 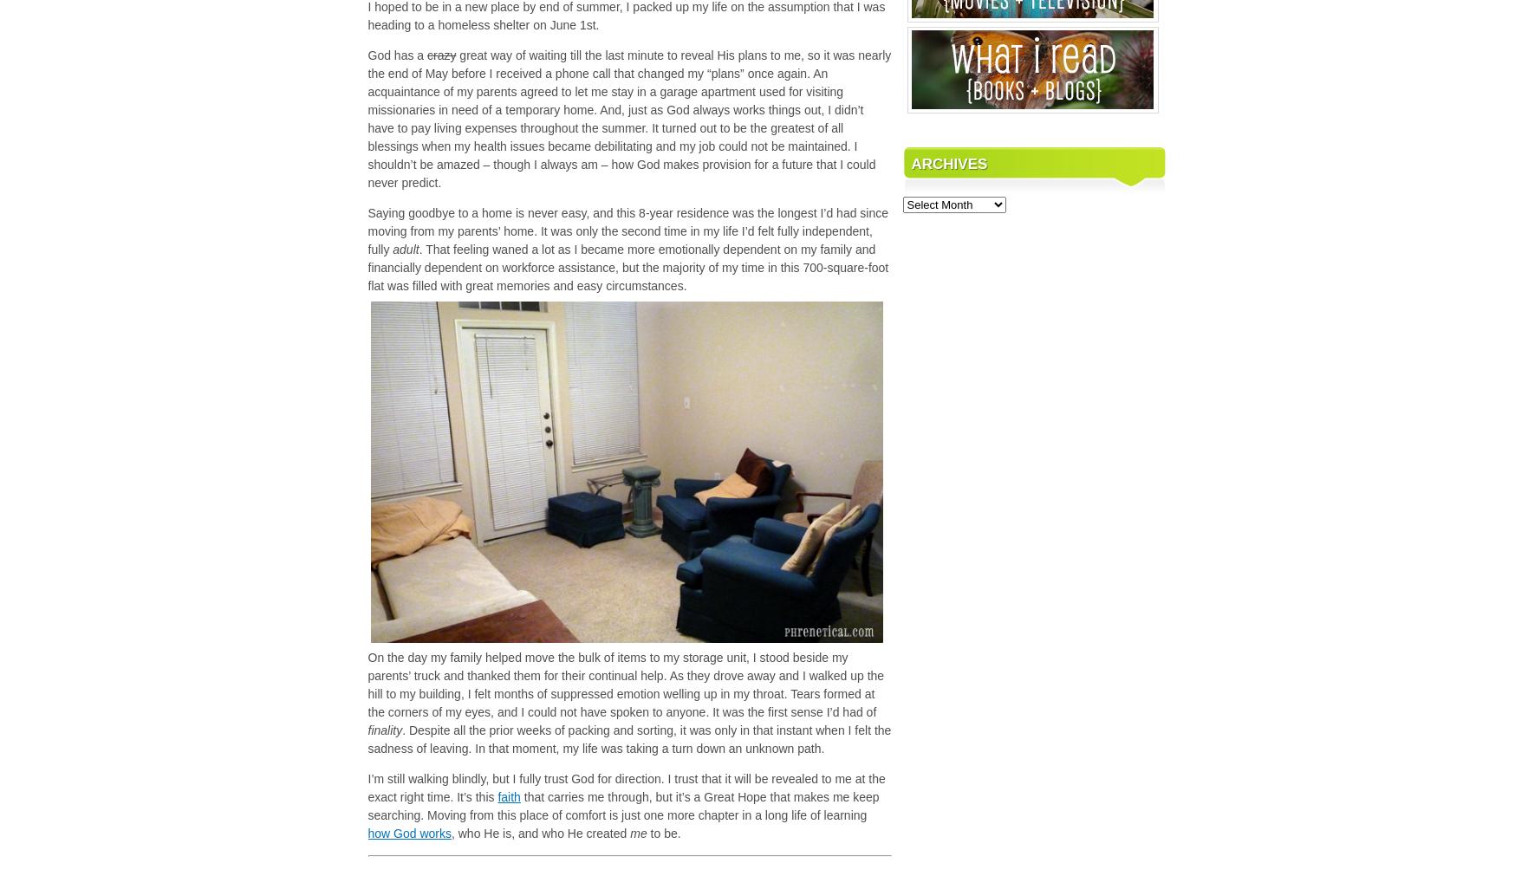 What do you see at coordinates (384, 730) in the screenshot?
I see `'finality'` at bounding box center [384, 730].